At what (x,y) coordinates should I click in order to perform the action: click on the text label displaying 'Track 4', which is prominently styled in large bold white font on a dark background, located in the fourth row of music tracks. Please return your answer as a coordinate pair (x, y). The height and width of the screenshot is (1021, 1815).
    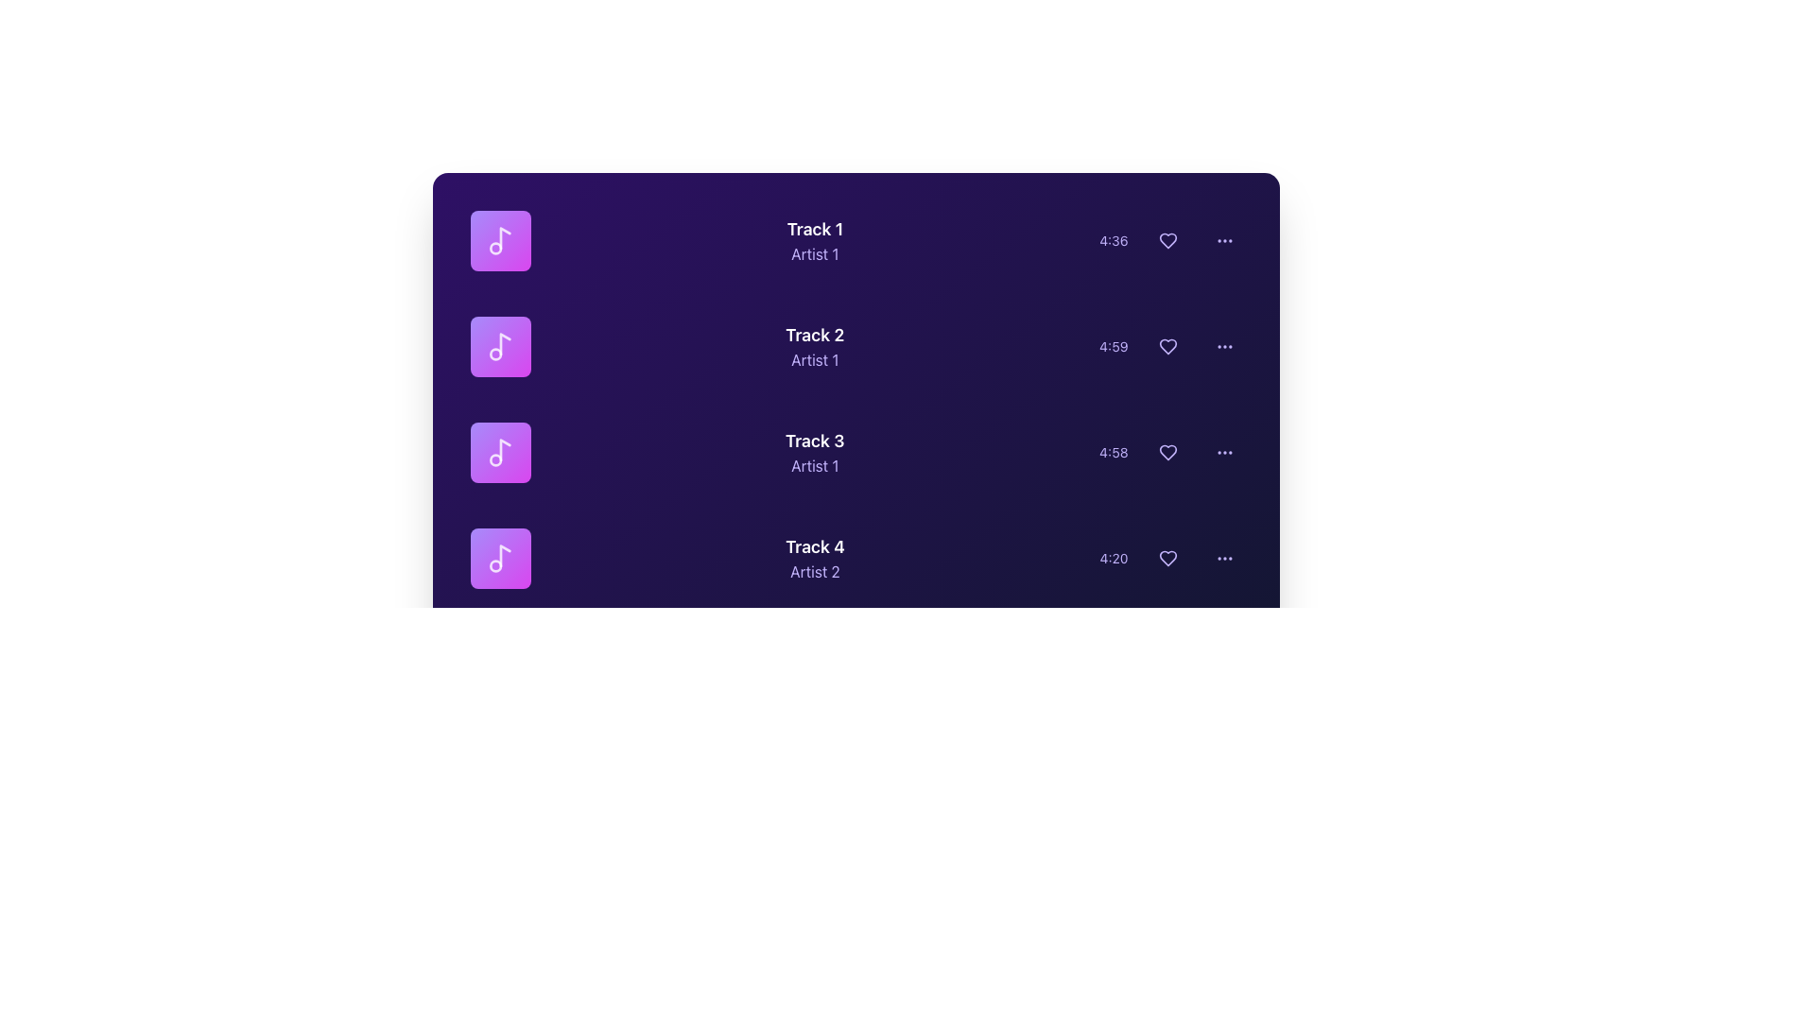
    Looking at the image, I should click on (815, 546).